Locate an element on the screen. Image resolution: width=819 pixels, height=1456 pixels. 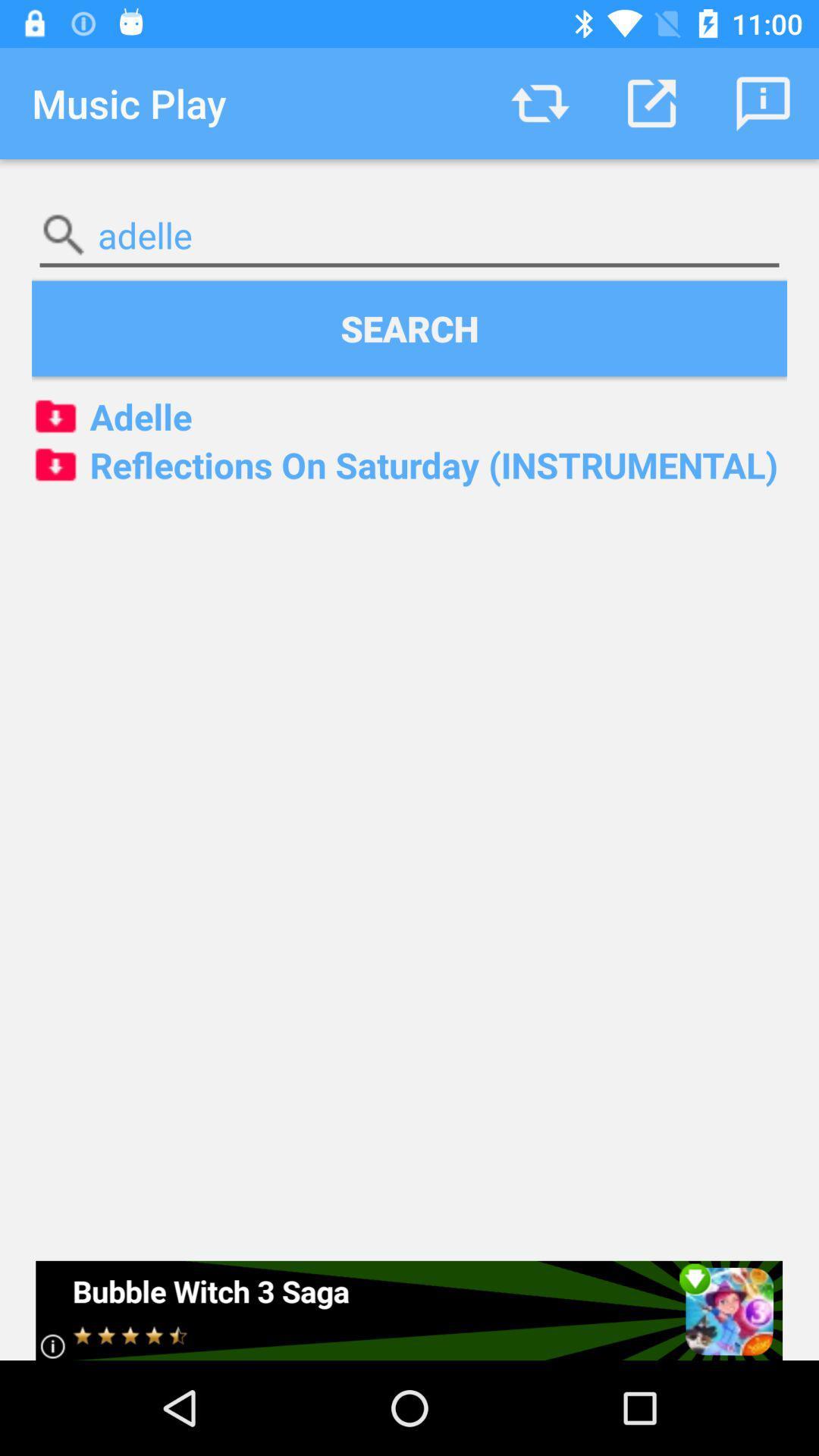
launch advertised app in play store is located at coordinates (408, 1310).